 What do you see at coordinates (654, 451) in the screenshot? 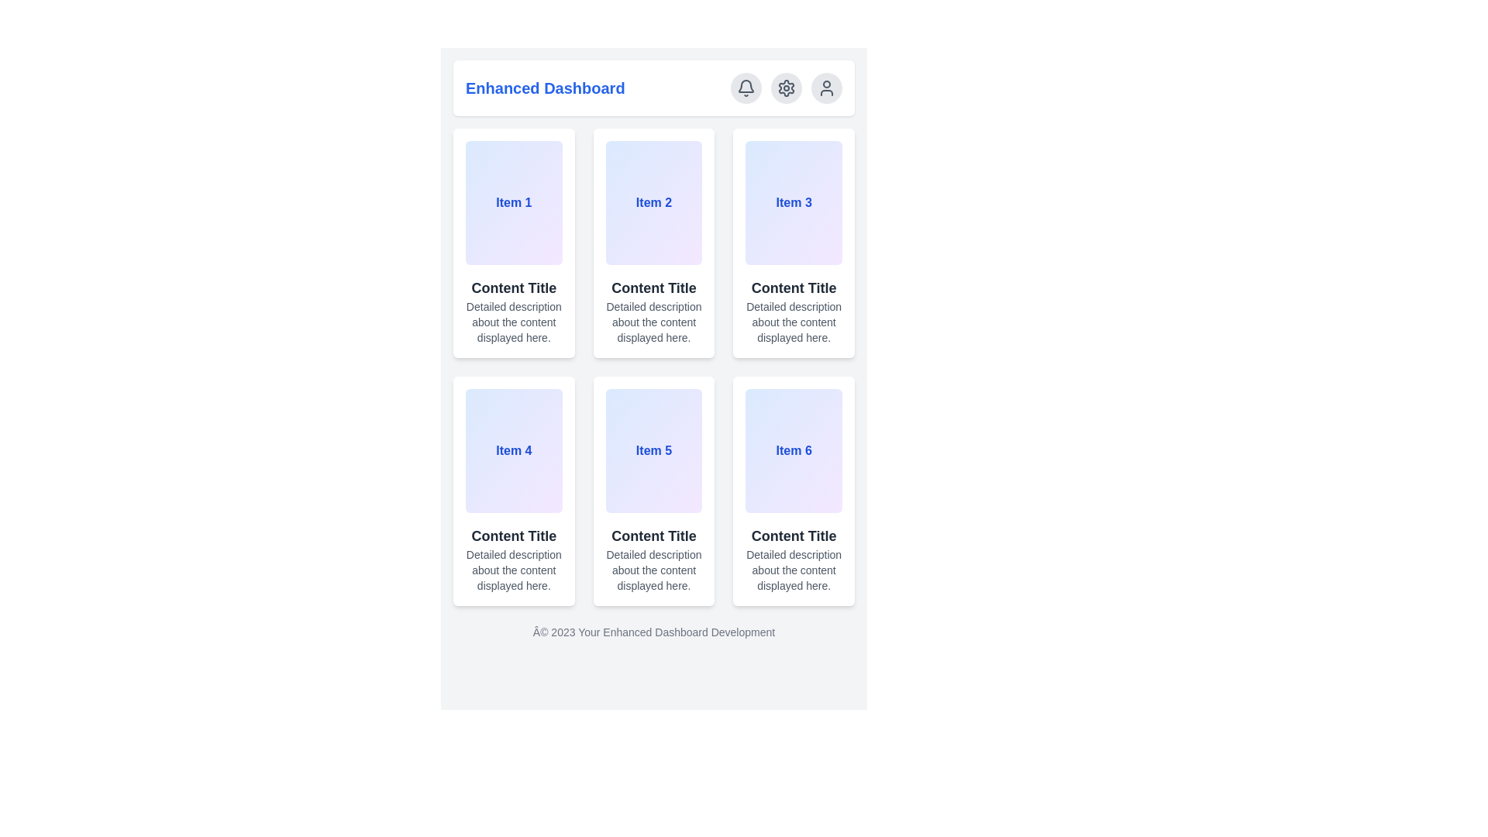
I see `the text label 'Item 5' styled in bold blue font, located in the middle column of the second row of grid elements on the dashboard` at bounding box center [654, 451].